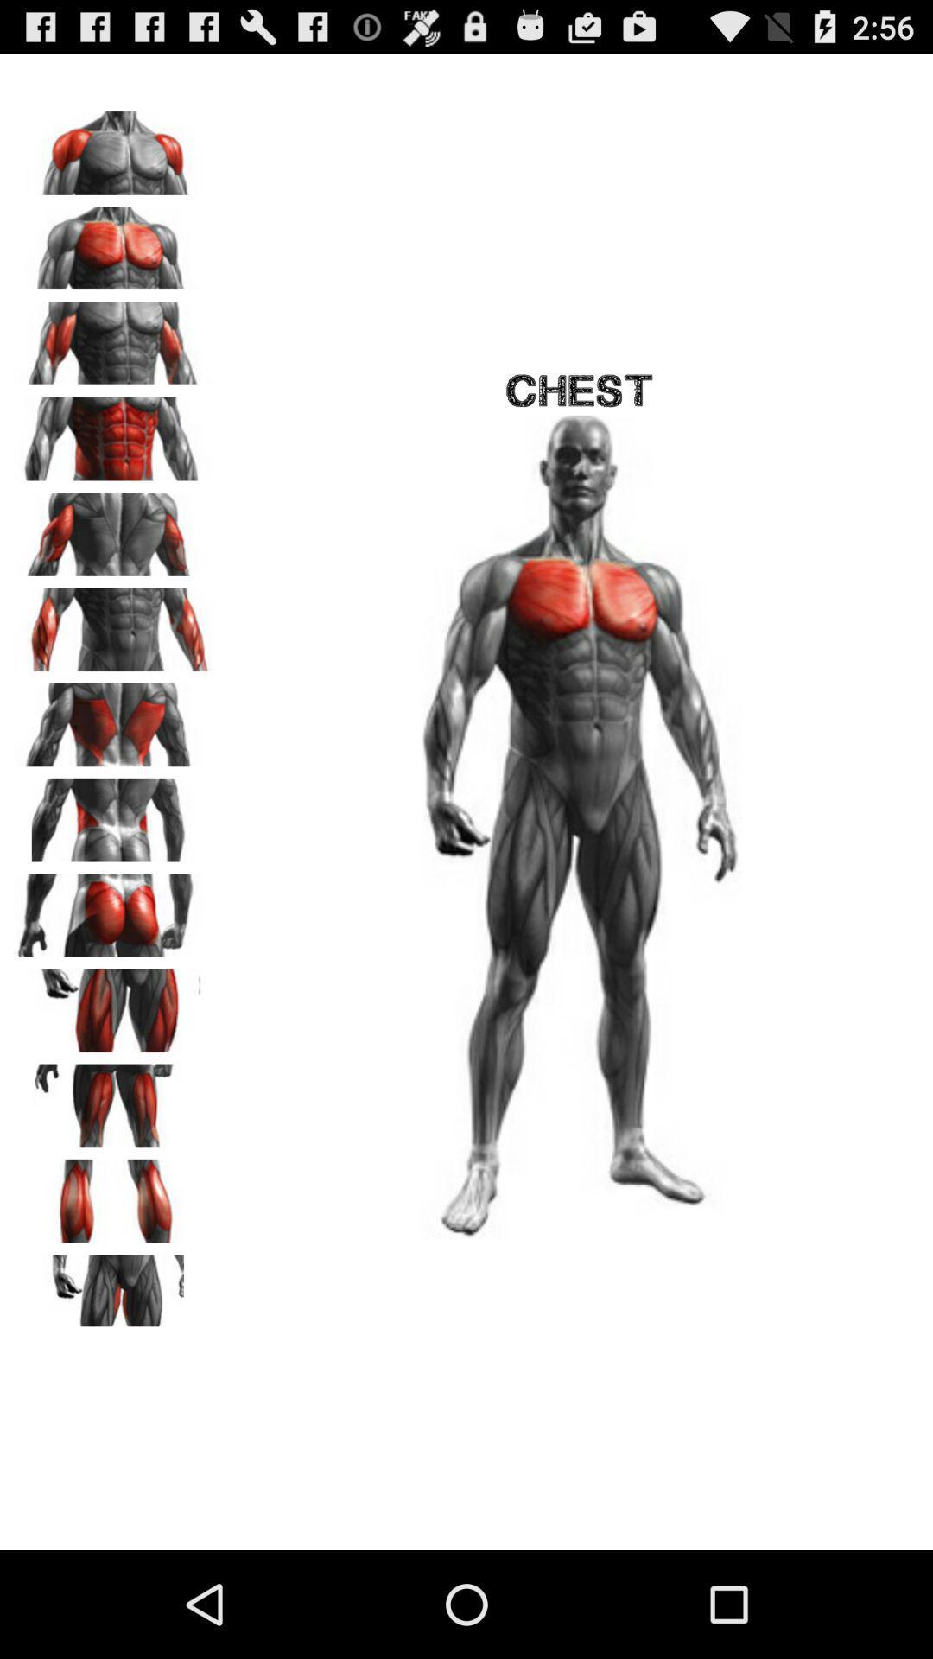 This screenshot has height=1659, width=933. Describe the element at coordinates (113, 527) in the screenshot. I see `back` at that location.